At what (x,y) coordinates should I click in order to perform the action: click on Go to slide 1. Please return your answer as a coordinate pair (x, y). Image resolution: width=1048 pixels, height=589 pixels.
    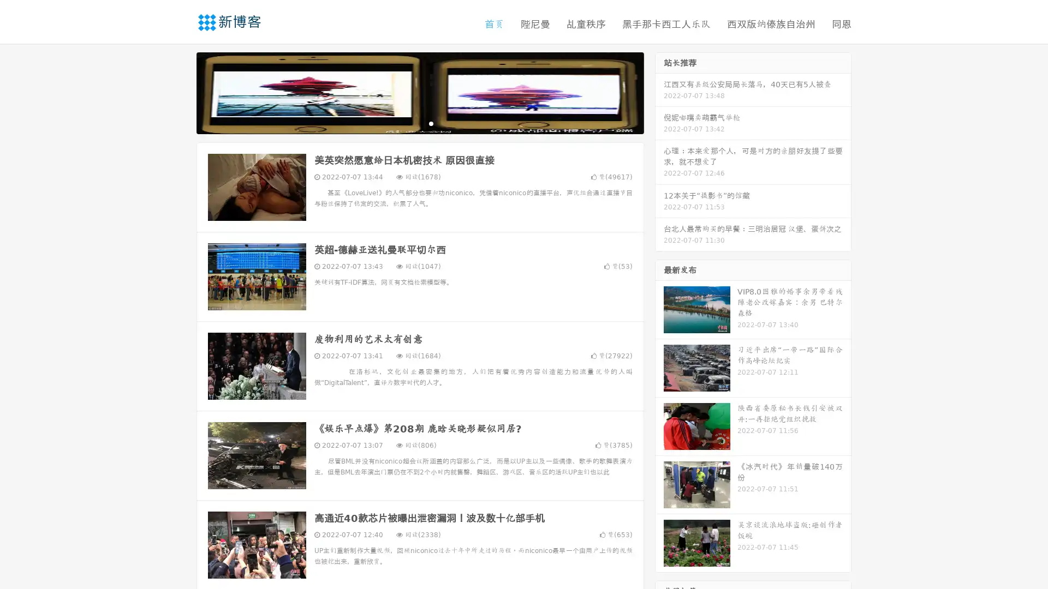
    Looking at the image, I should click on (408, 123).